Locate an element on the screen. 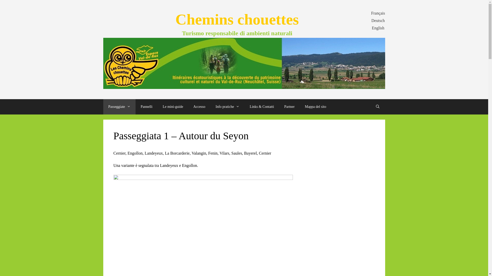 This screenshot has height=276, width=492. 'Pannelli' is located at coordinates (135, 106).